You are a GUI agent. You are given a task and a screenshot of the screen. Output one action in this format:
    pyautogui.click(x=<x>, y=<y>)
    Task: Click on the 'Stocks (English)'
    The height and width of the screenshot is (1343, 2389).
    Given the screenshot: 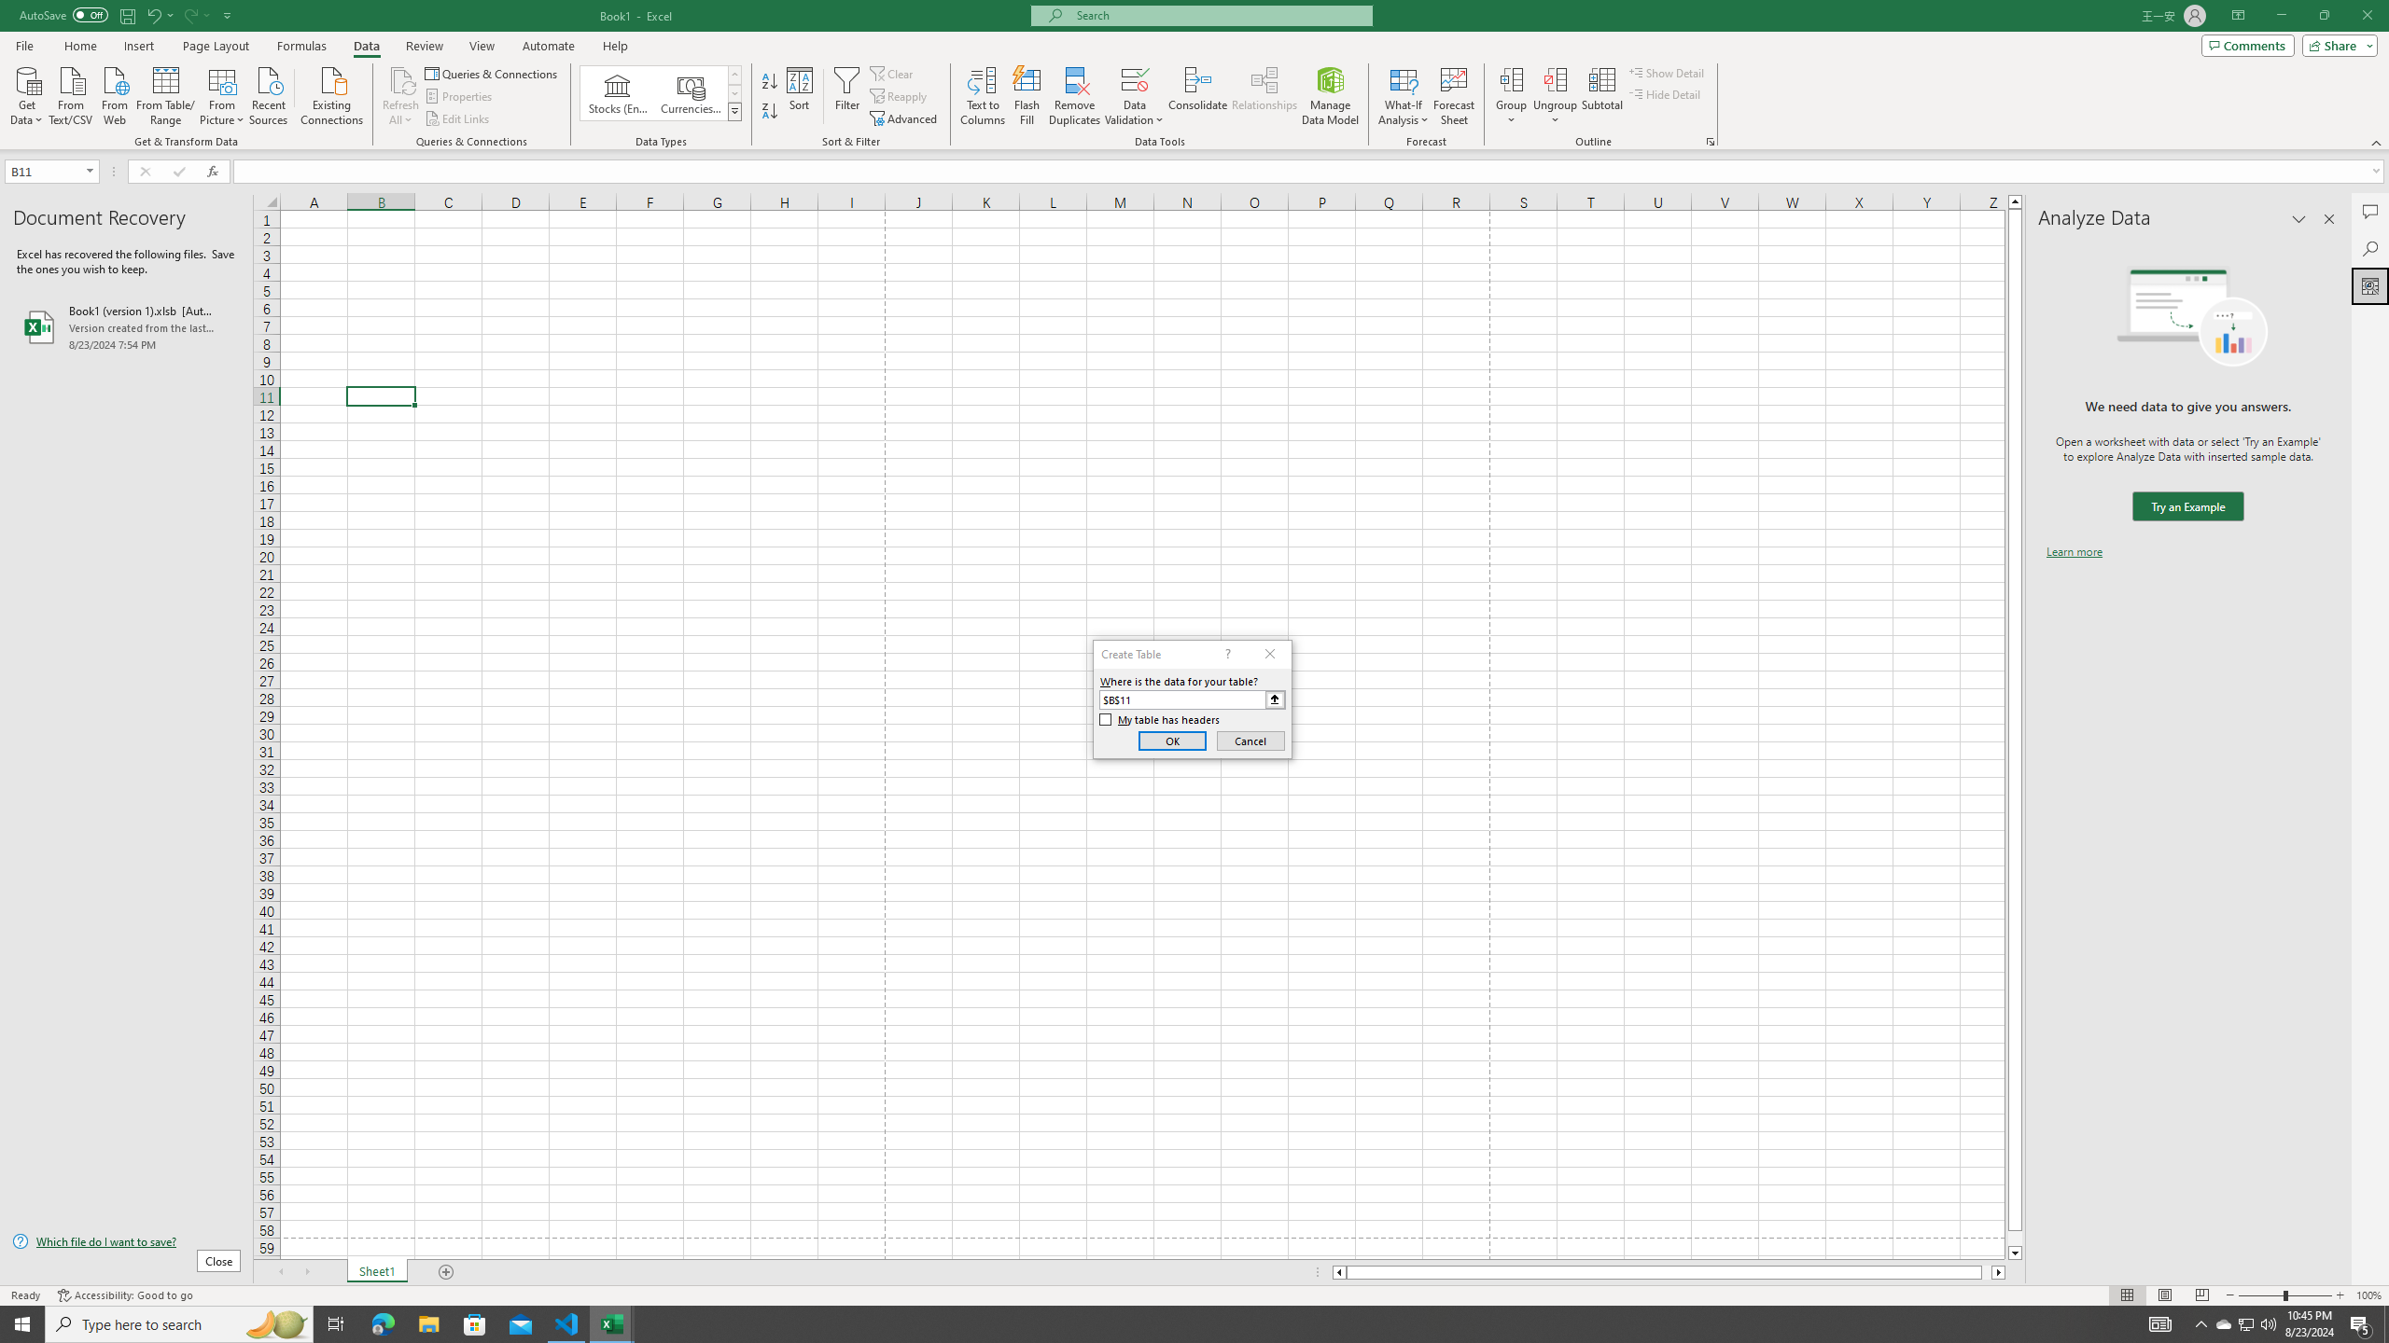 What is the action you would take?
    pyautogui.click(x=616, y=92)
    